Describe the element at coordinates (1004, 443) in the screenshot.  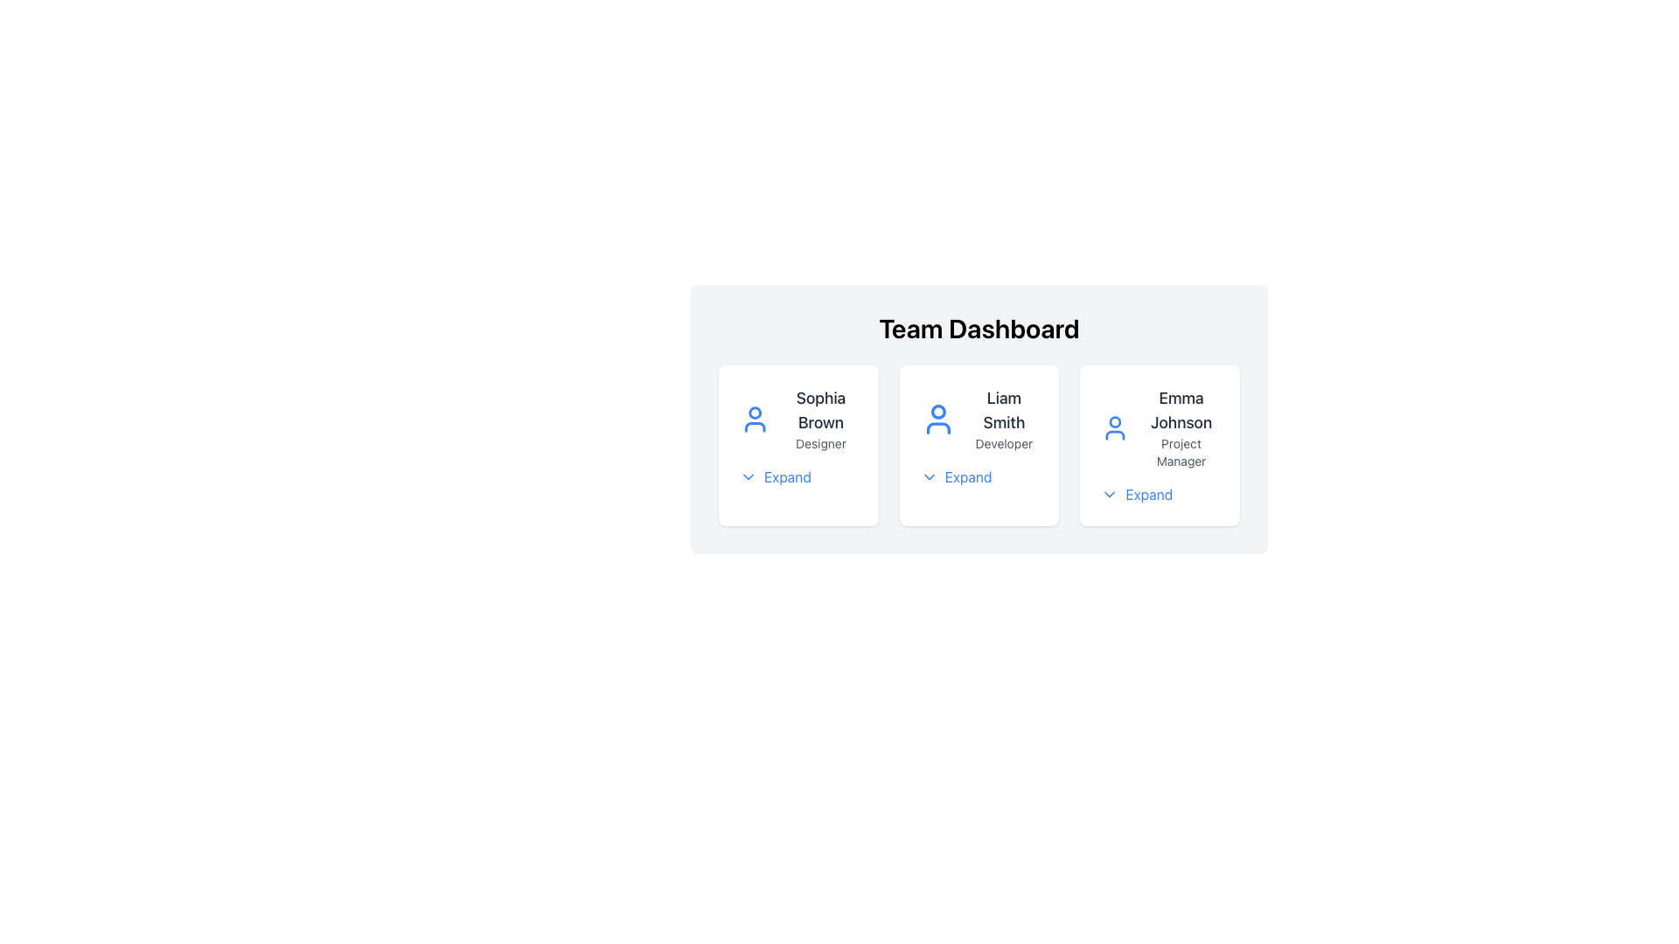
I see `the 'Developer' text label located within the card for 'Liam Smith', which is positioned below the name and above an expandable button in the 'Team Dashboard' interface` at that location.